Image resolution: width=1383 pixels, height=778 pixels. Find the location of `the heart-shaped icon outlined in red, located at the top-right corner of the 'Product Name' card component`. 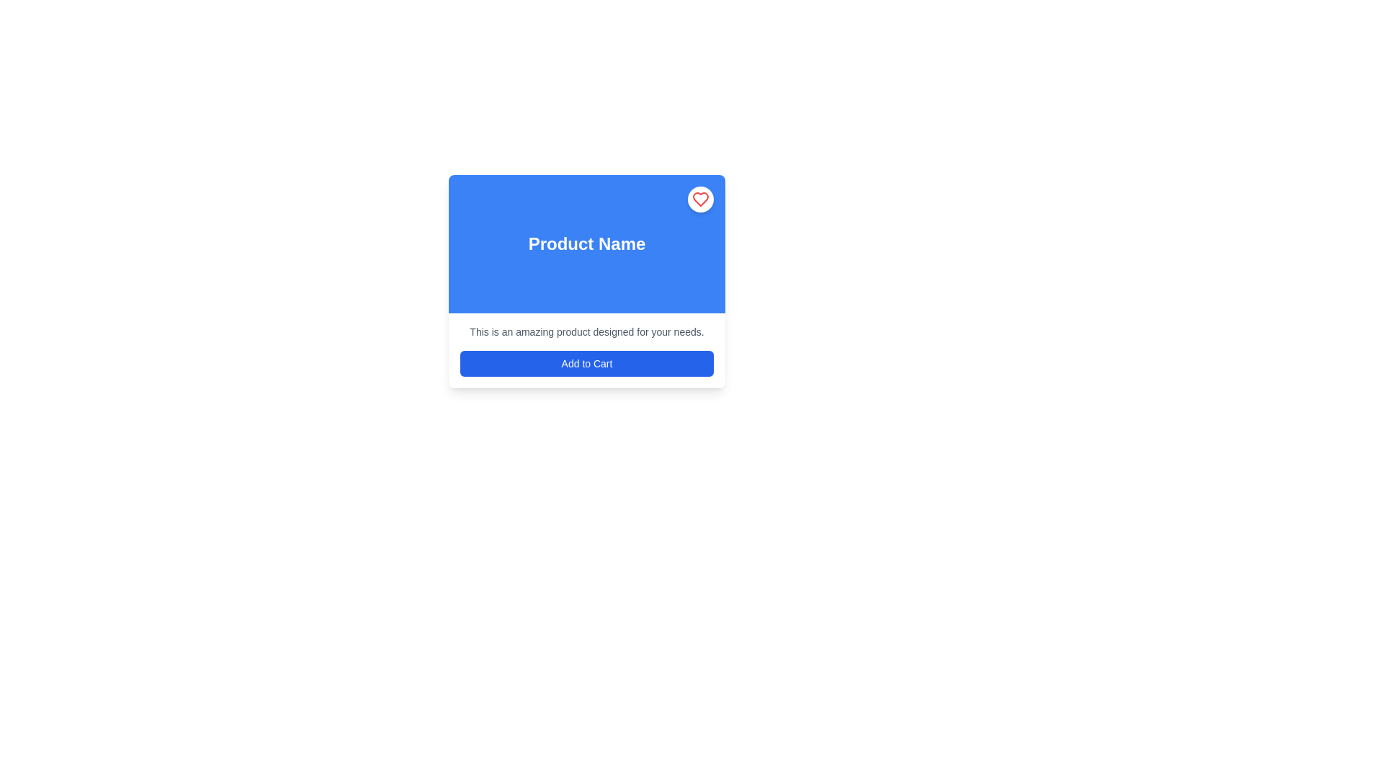

the heart-shaped icon outlined in red, located at the top-right corner of the 'Product Name' card component is located at coordinates (701, 200).